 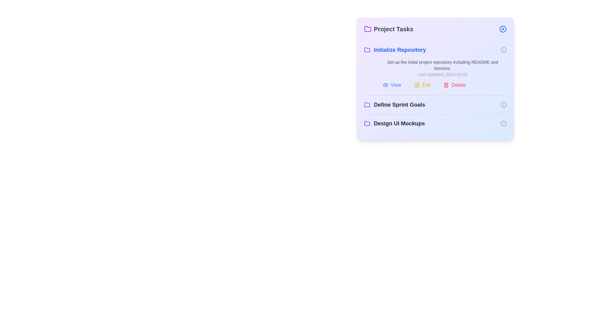 I want to click on the small circular icon button with a blue border and a '+' symbol inside it, located at the top-right corner of the 'Project Tasks' section, so click(x=503, y=29).